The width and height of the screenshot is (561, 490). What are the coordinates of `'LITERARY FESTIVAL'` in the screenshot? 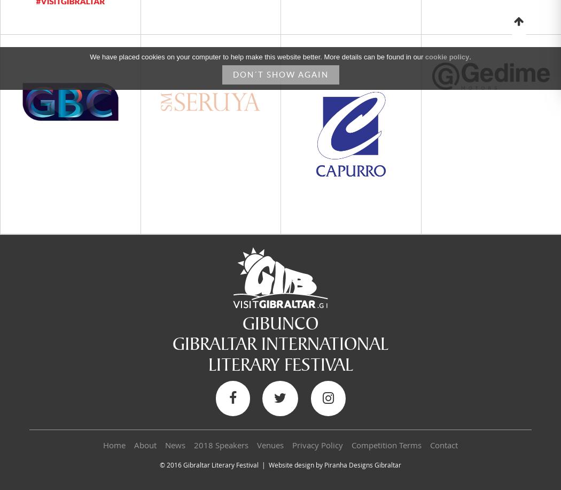 It's located at (279, 364).